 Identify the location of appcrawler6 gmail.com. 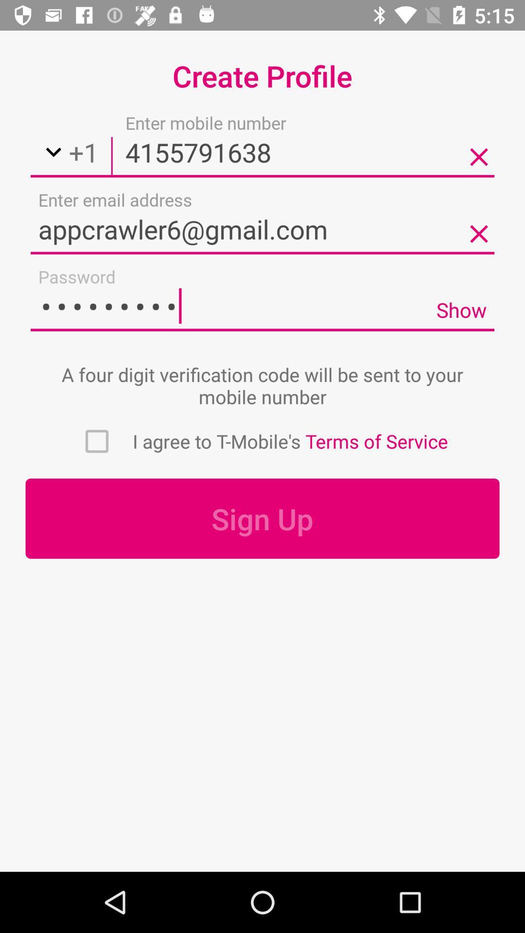
(262, 228).